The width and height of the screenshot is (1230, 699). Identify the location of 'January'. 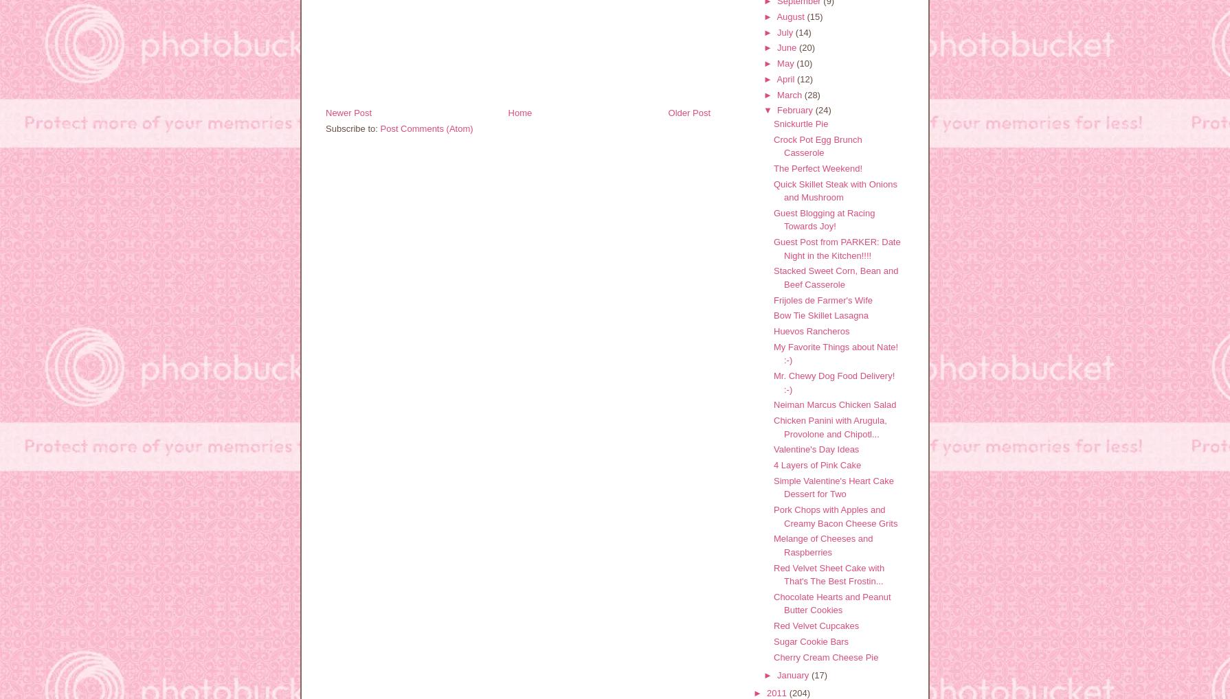
(794, 674).